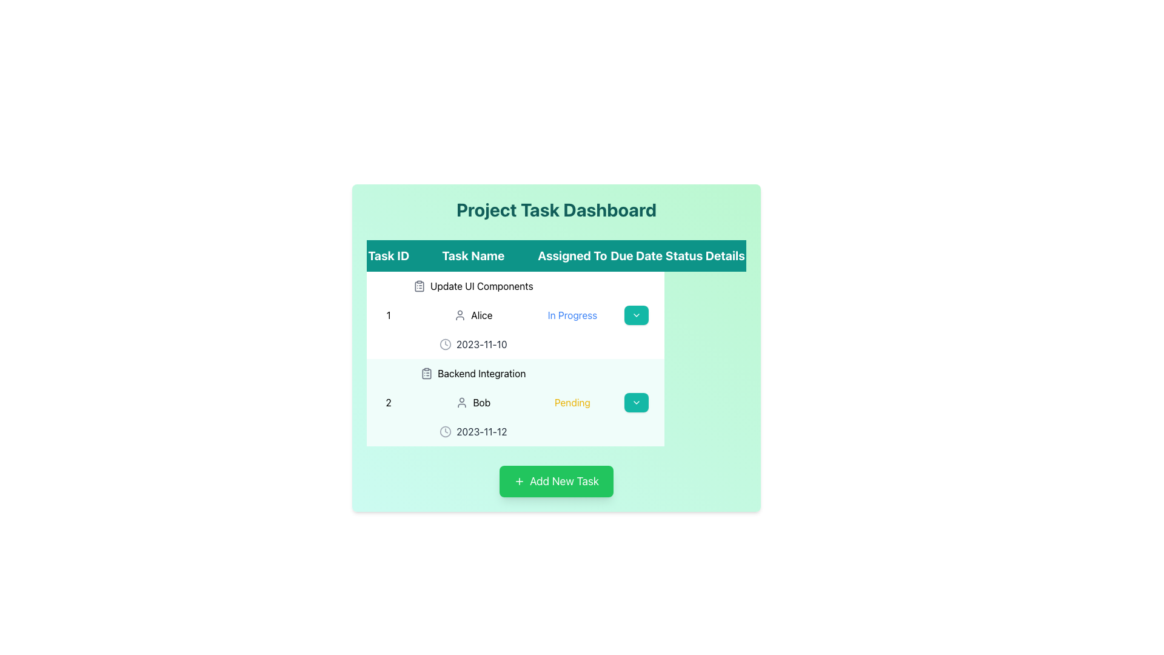 This screenshot has height=655, width=1164. What do you see at coordinates (481, 431) in the screenshot?
I see `the text label displaying the due date for the task 'Backend Integration'` at bounding box center [481, 431].